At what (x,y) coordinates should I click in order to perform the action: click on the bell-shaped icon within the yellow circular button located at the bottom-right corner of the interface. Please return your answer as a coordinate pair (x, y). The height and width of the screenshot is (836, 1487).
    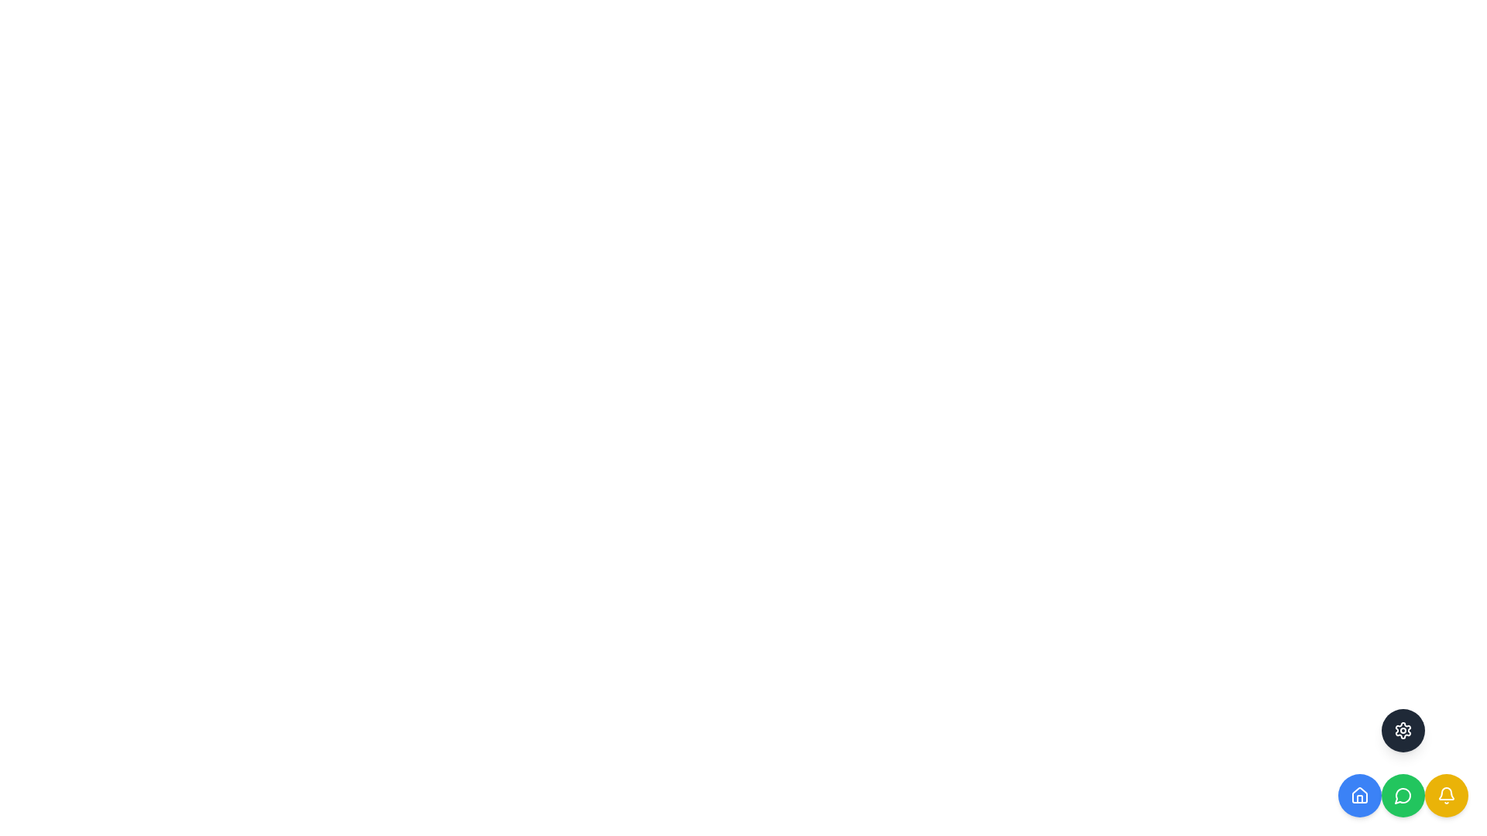
    Looking at the image, I should click on (1445, 796).